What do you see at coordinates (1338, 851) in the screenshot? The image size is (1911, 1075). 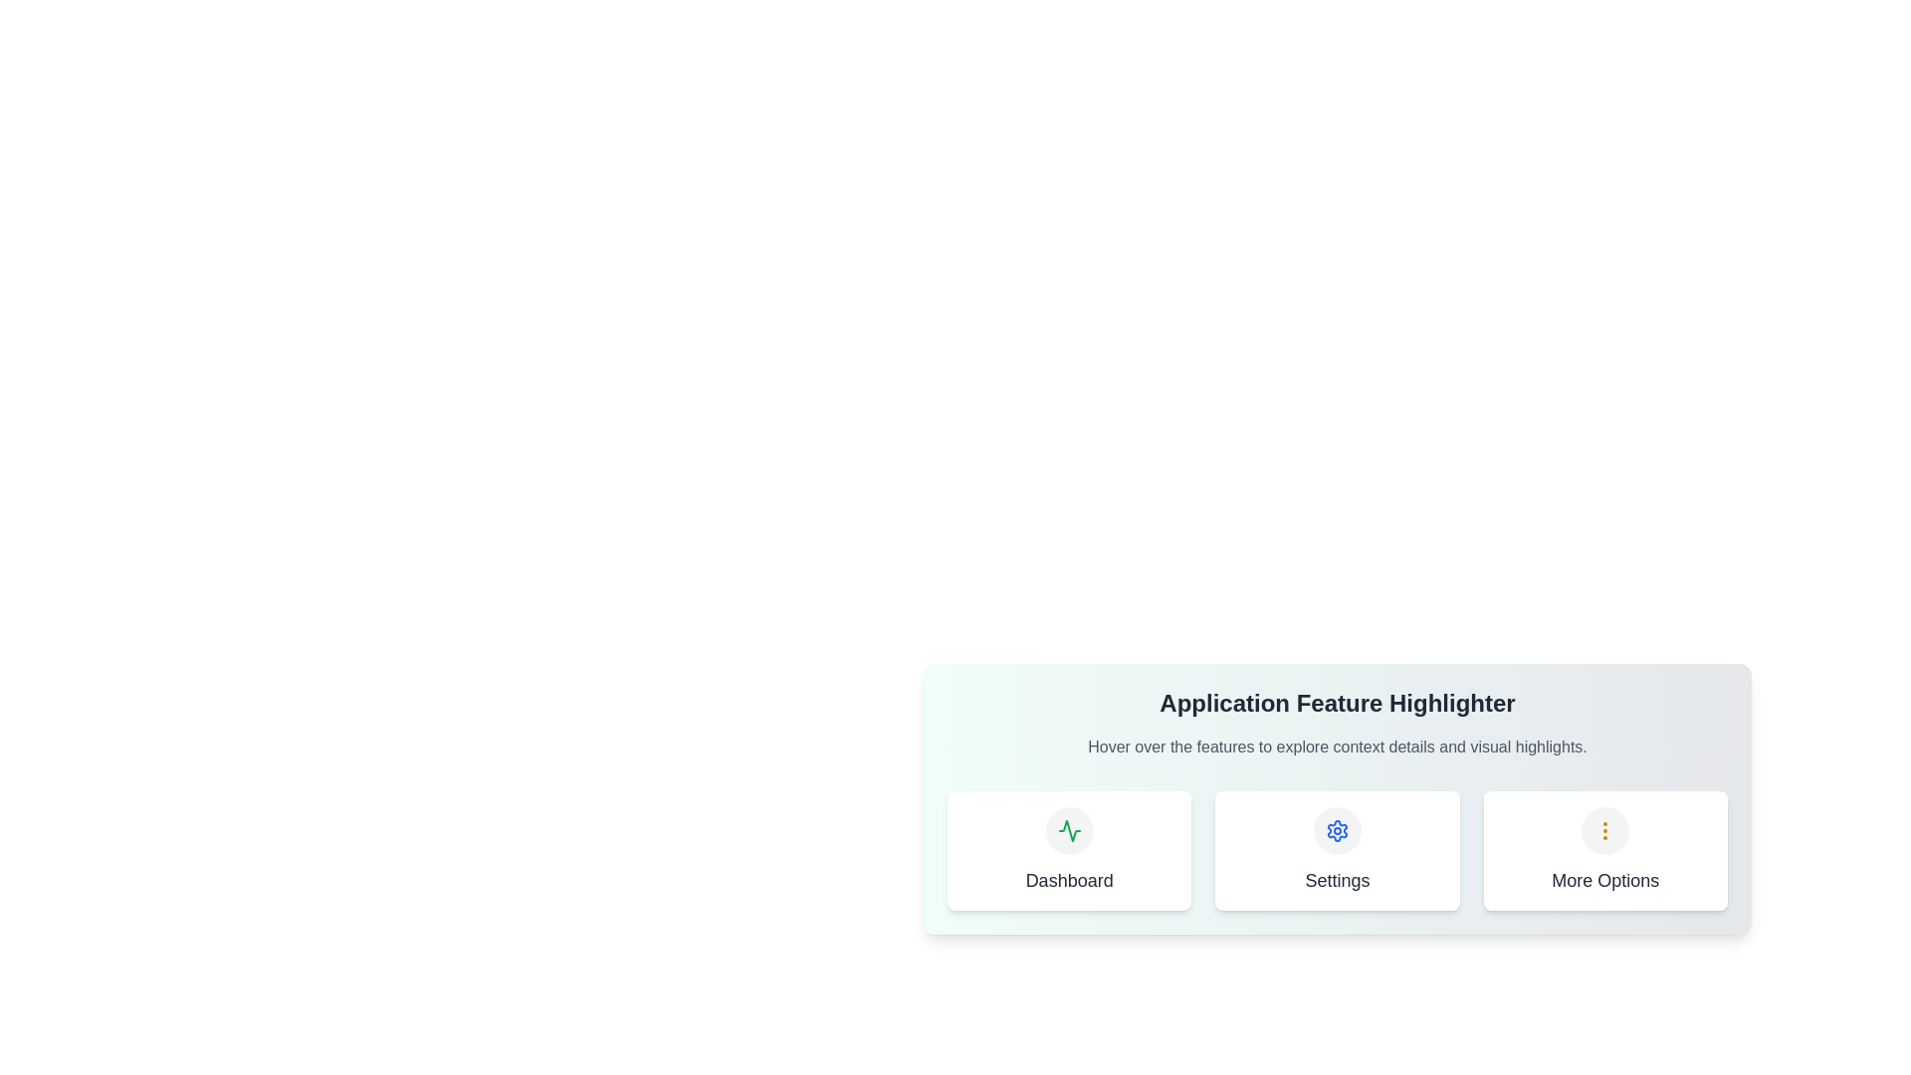 I see `the second button in the row of three buttons under the 'Application Feature Highlighter' title` at bounding box center [1338, 851].